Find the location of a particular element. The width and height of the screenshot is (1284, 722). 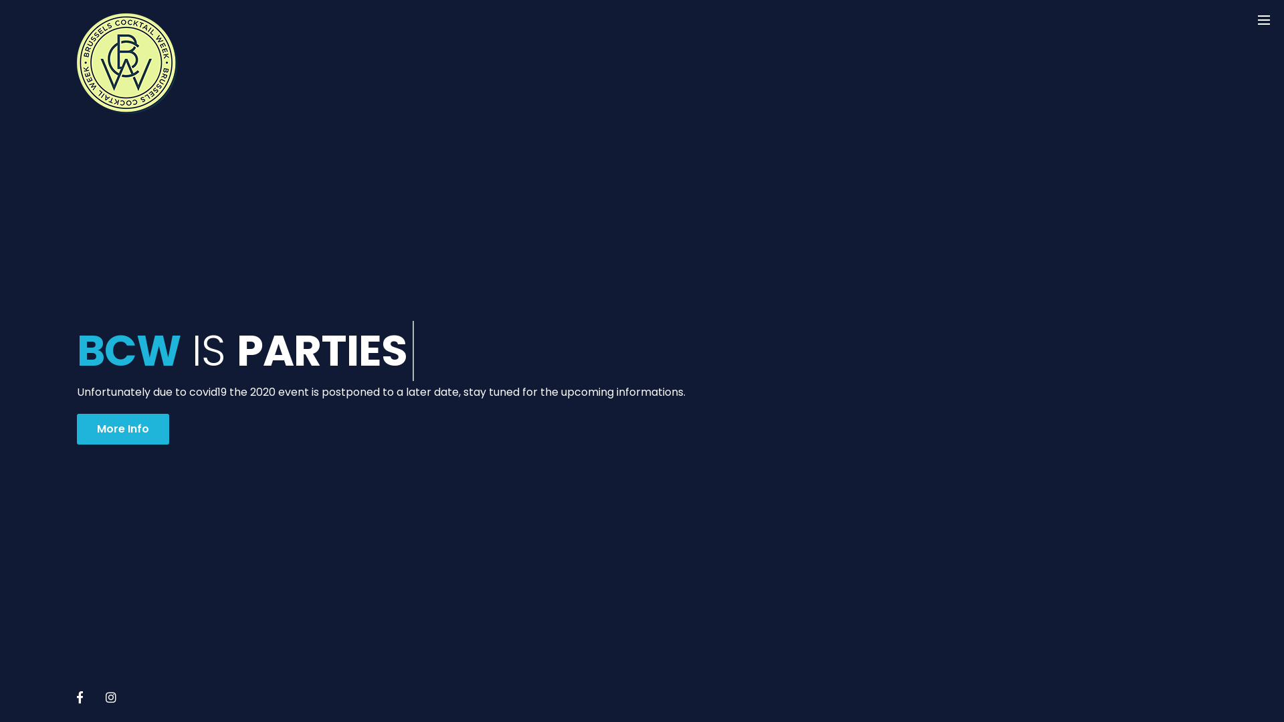

'Instagram' is located at coordinates (111, 696).